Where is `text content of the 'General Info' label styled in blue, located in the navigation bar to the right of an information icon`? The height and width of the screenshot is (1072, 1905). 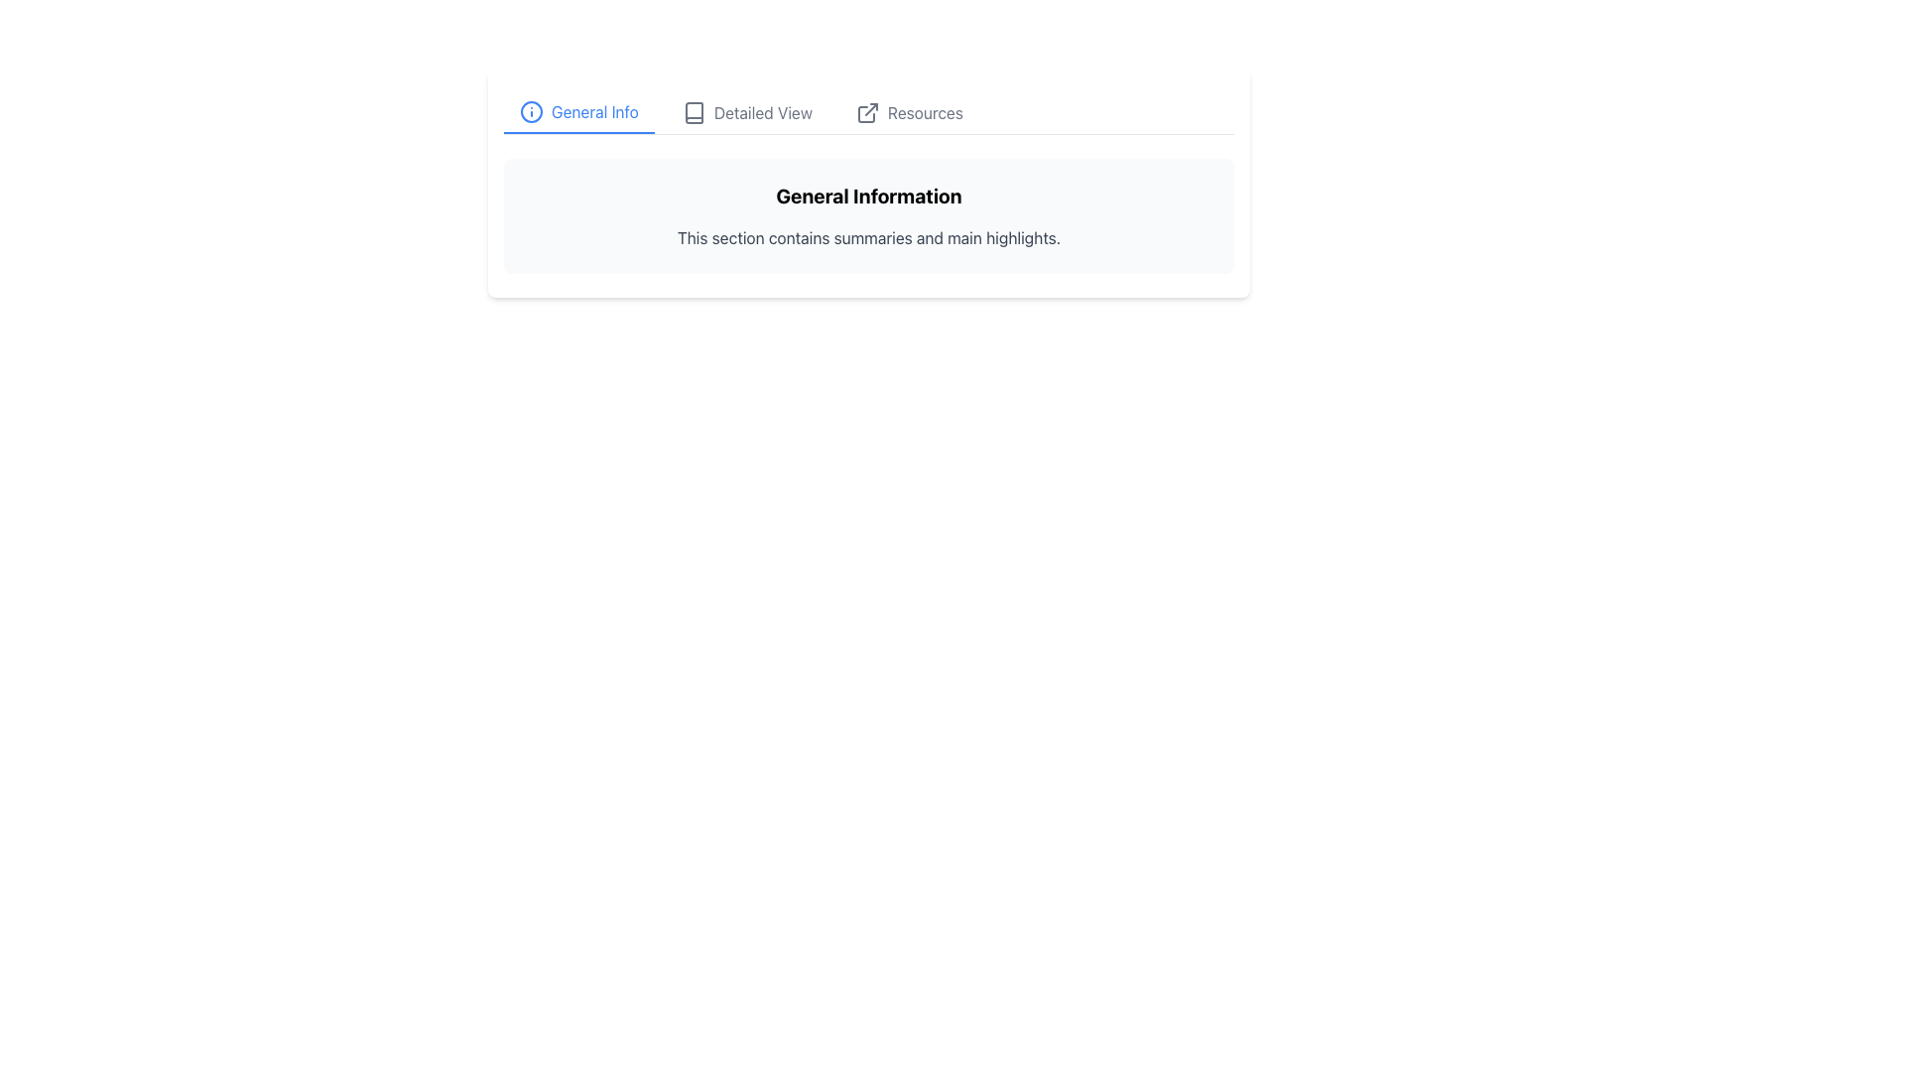
text content of the 'General Info' label styled in blue, located in the navigation bar to the right of an information icon is located at coordinates (593, 111).